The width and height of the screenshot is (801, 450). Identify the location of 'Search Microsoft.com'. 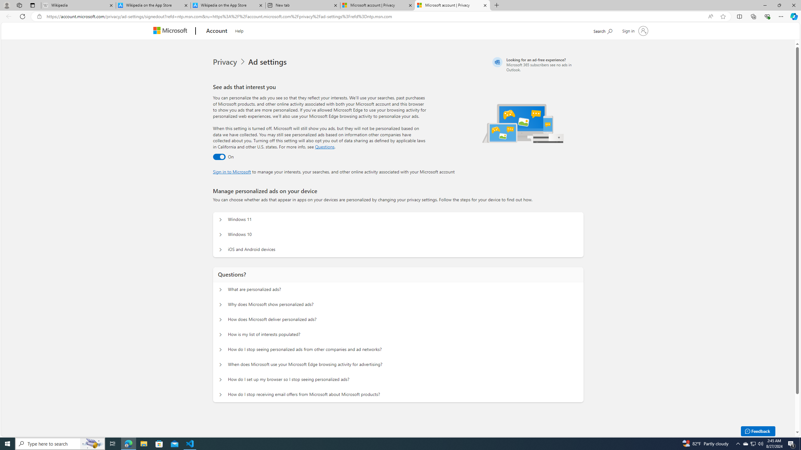
(602, 30).